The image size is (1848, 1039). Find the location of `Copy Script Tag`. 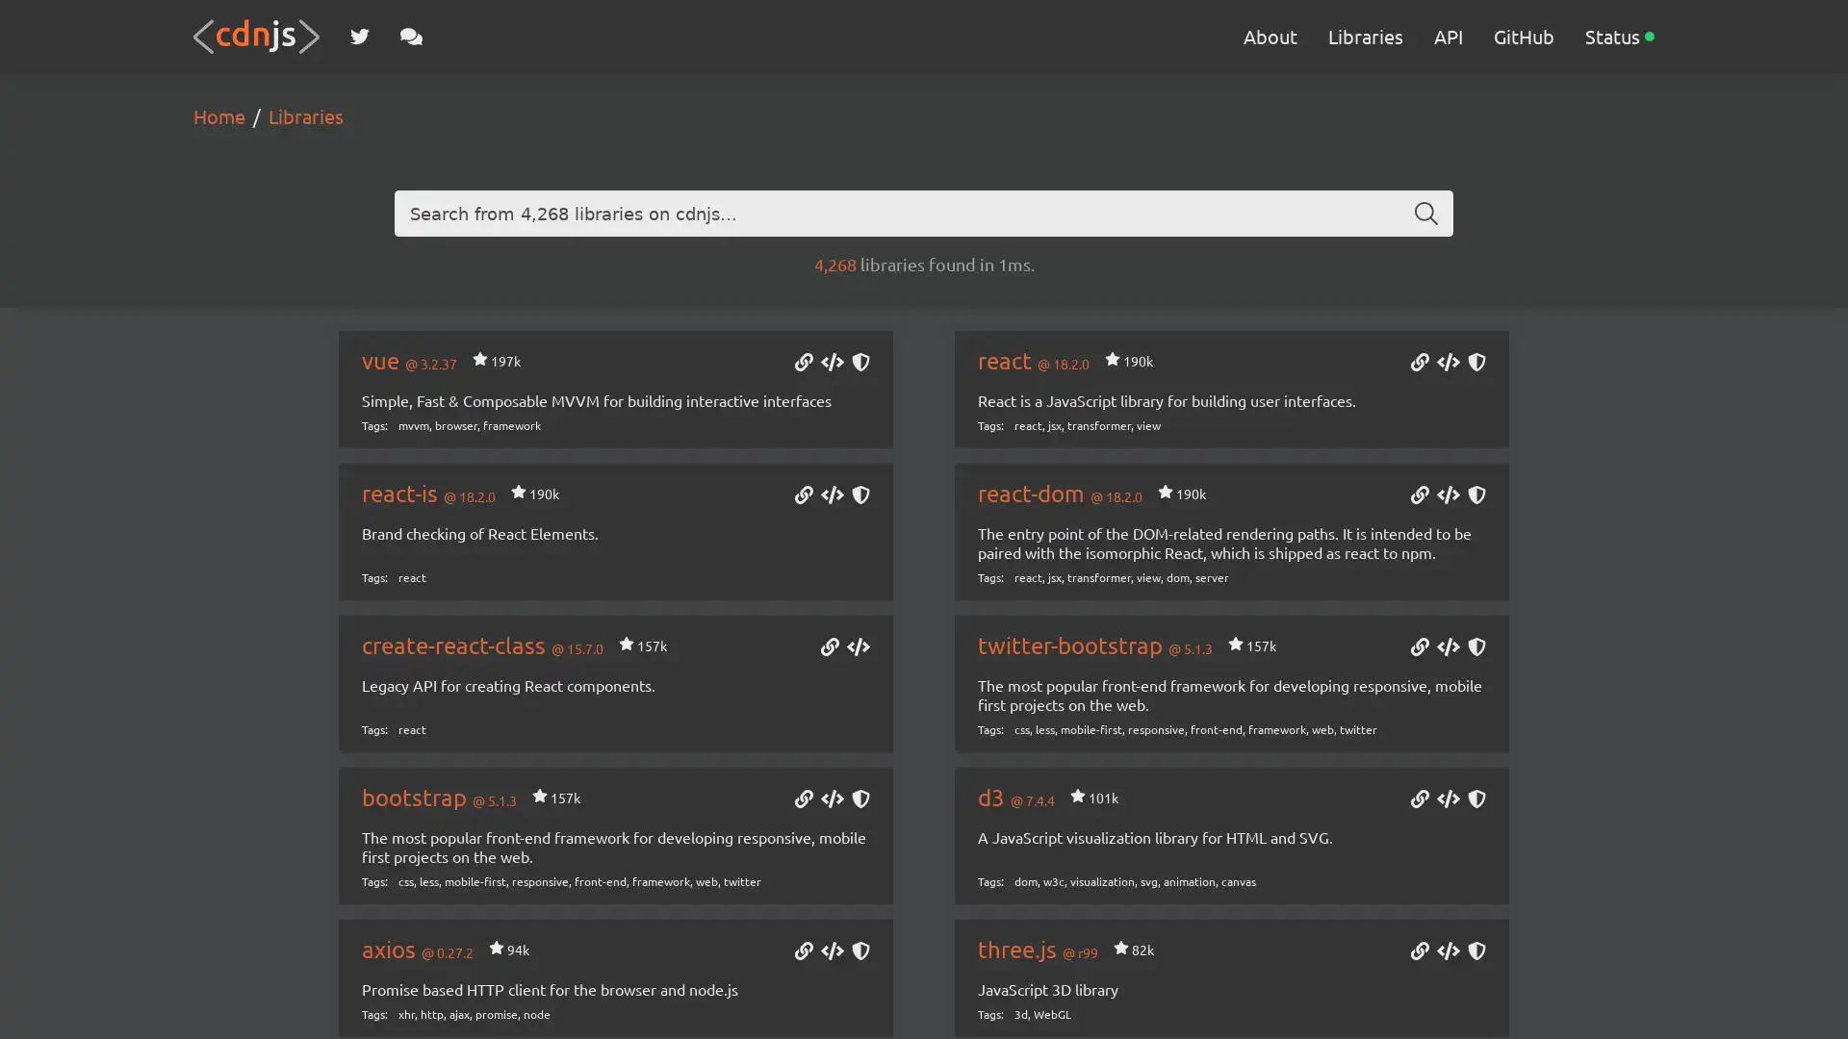

Copy Script Tag is located at coordinates (832, 364).